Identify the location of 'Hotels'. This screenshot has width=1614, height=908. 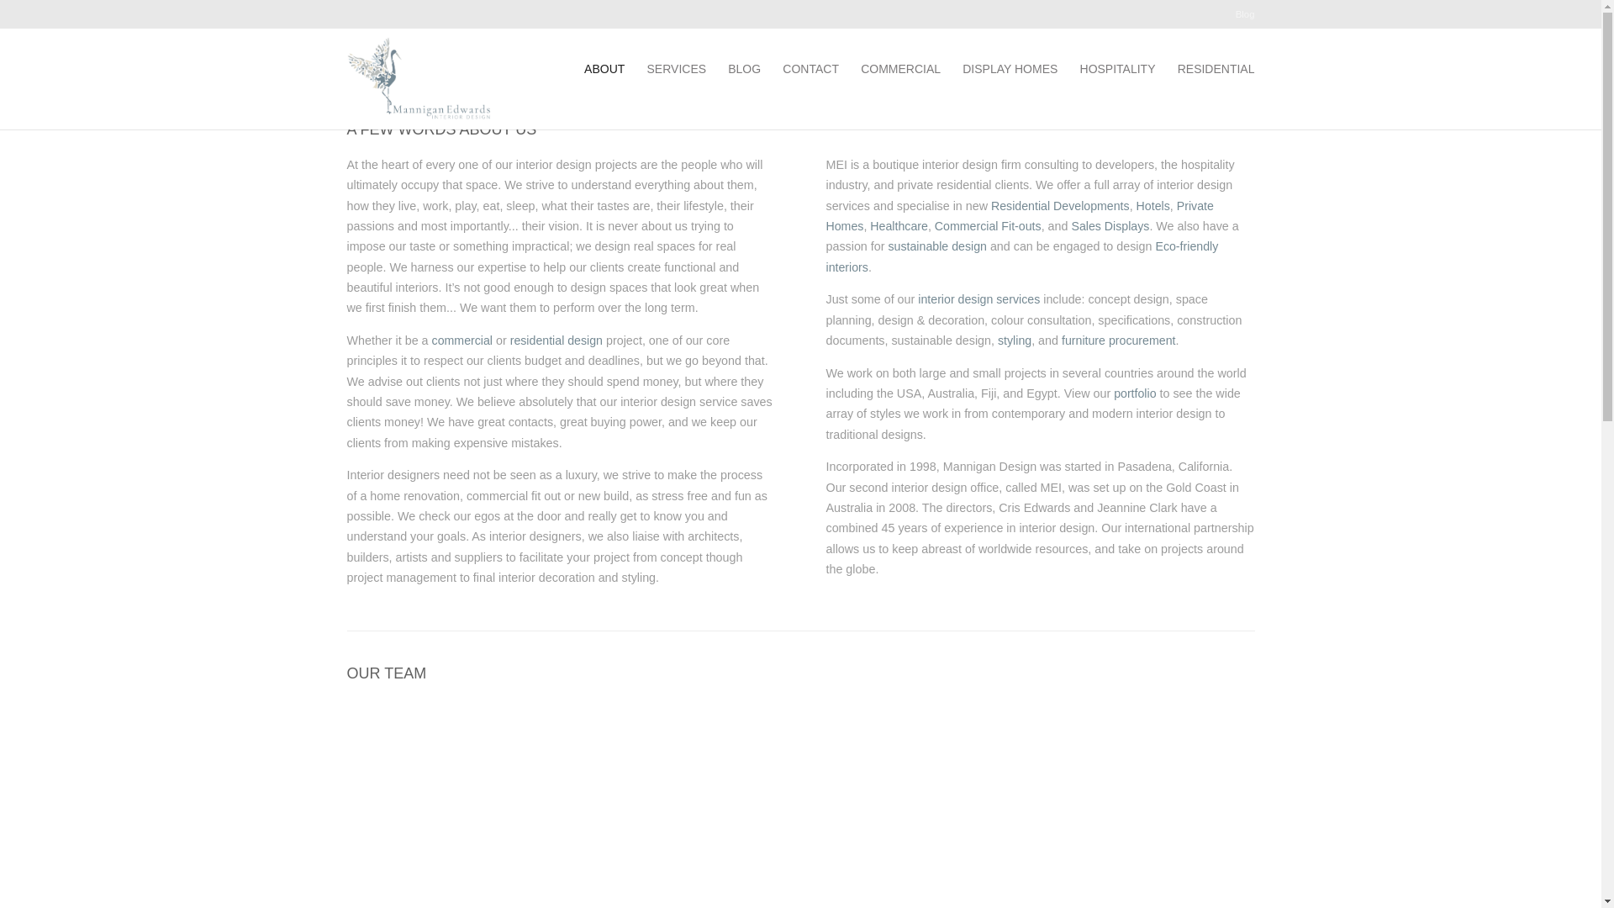
(1152, 205).